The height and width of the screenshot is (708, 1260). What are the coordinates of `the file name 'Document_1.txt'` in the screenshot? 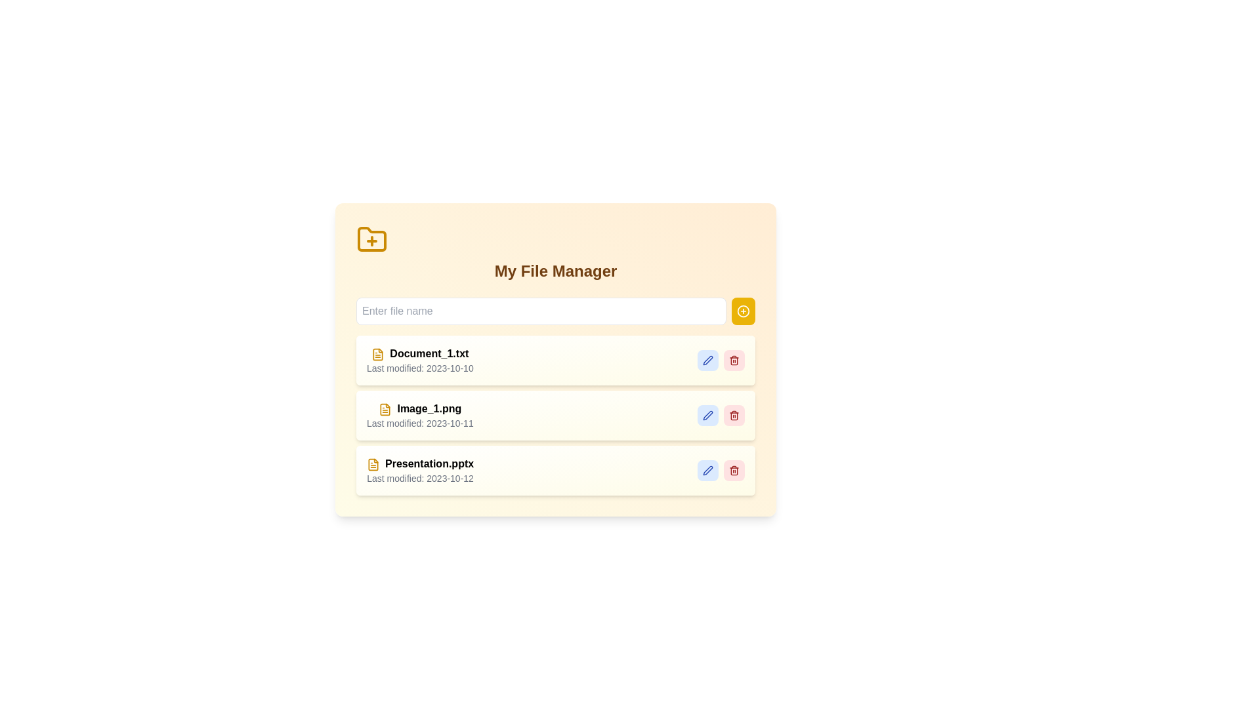 It's located at (420, 361).